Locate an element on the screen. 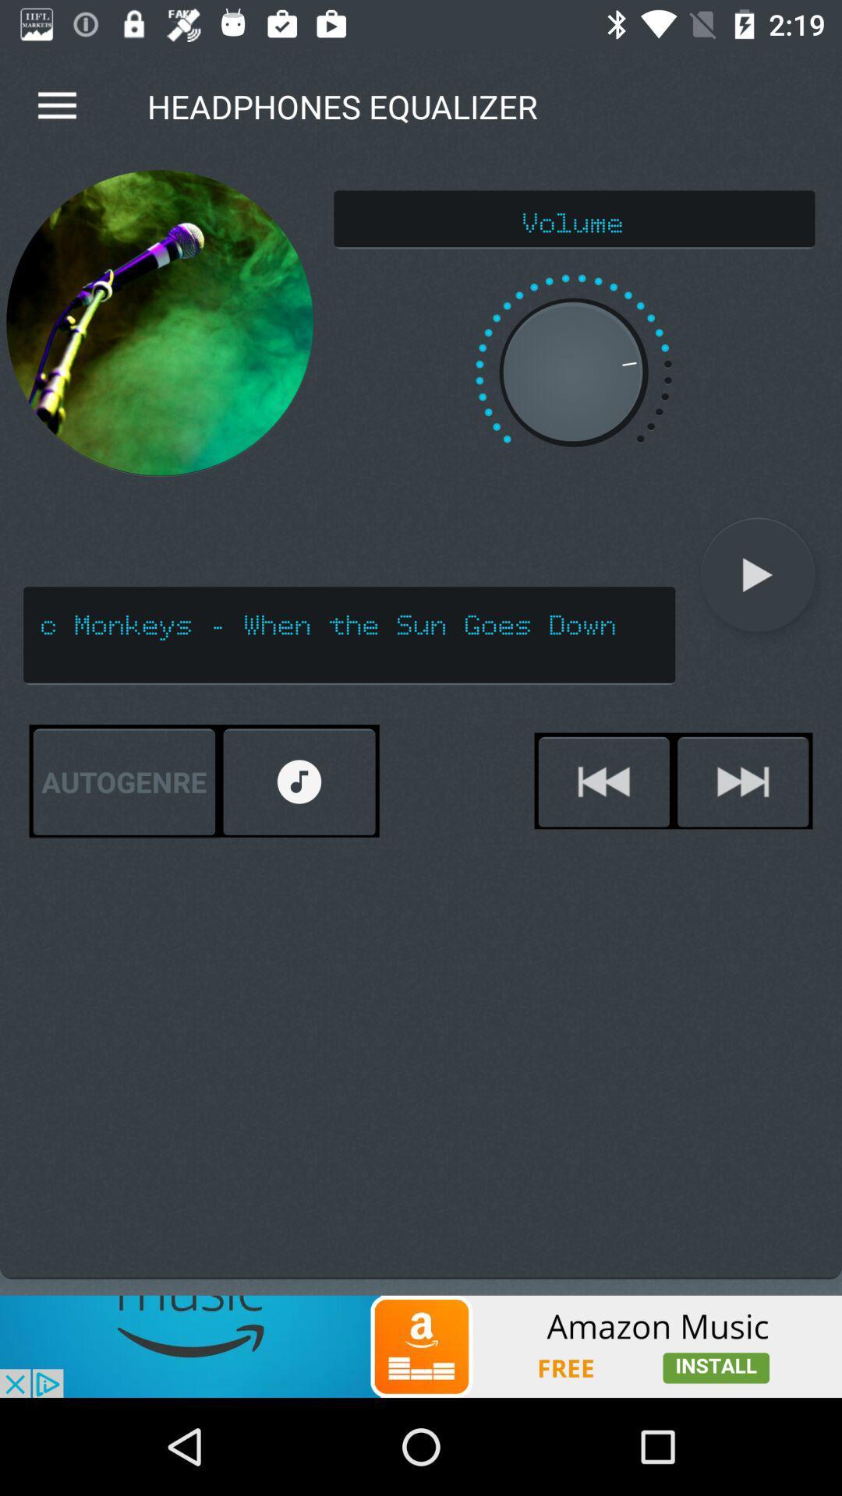 Image resolution: width=842 pixels, height=1496 pixels. the skip_next icon is located at coordinates (742, 782).